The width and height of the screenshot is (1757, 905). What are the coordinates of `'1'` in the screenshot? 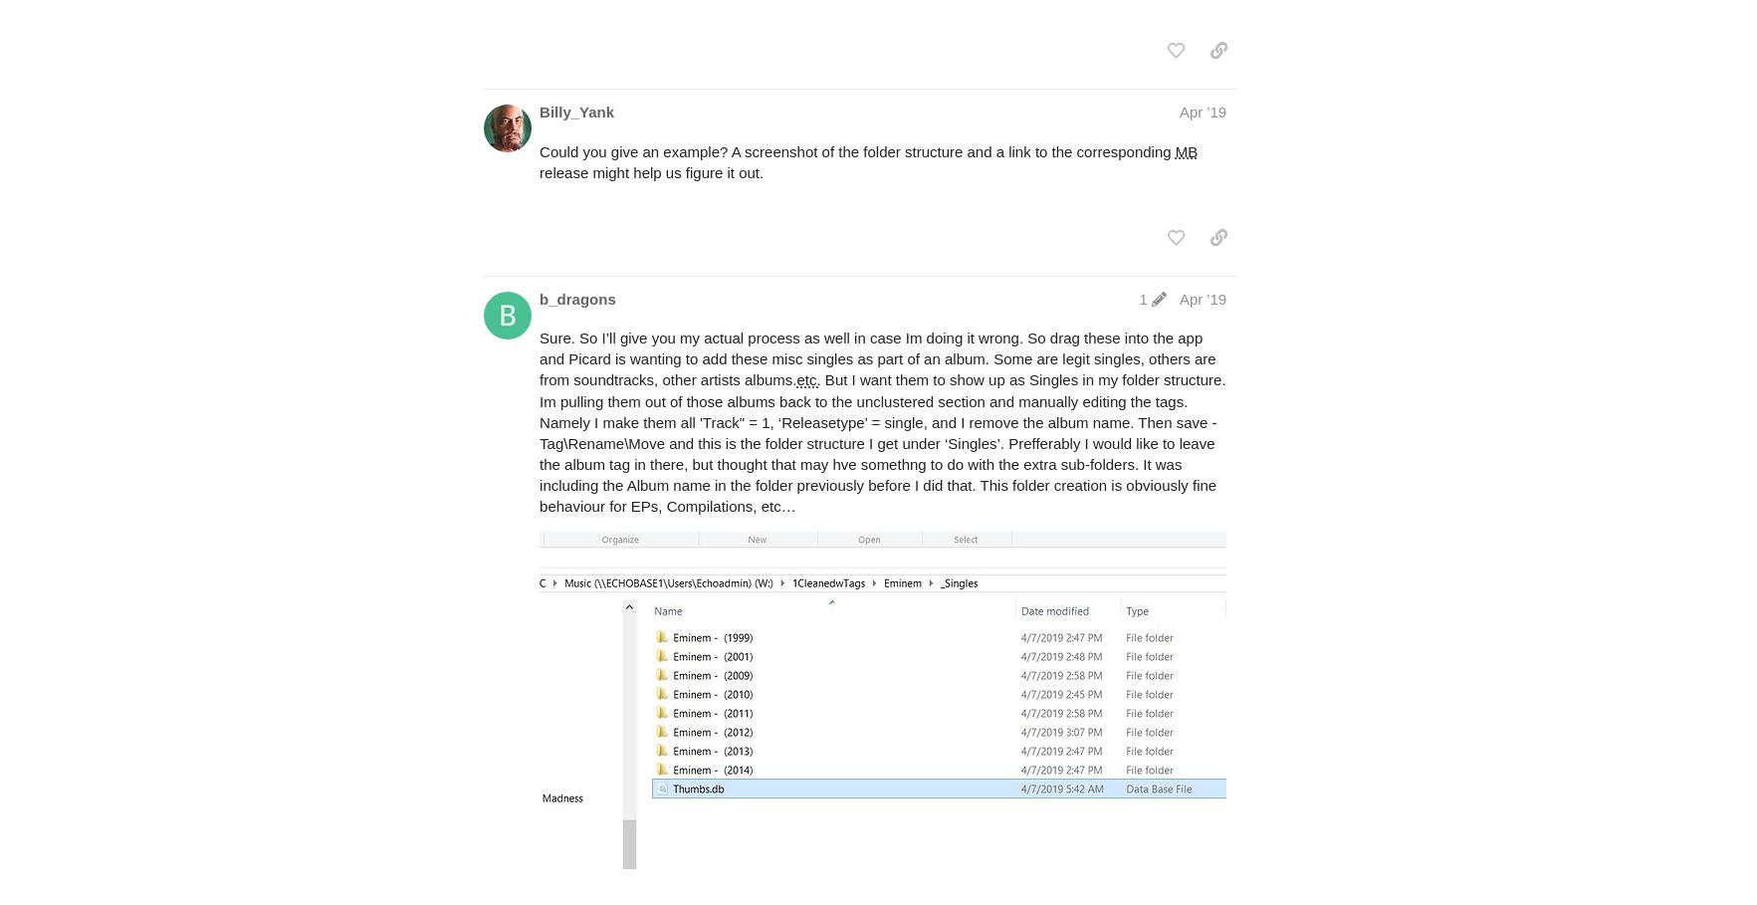 It's located at (1139, 297).